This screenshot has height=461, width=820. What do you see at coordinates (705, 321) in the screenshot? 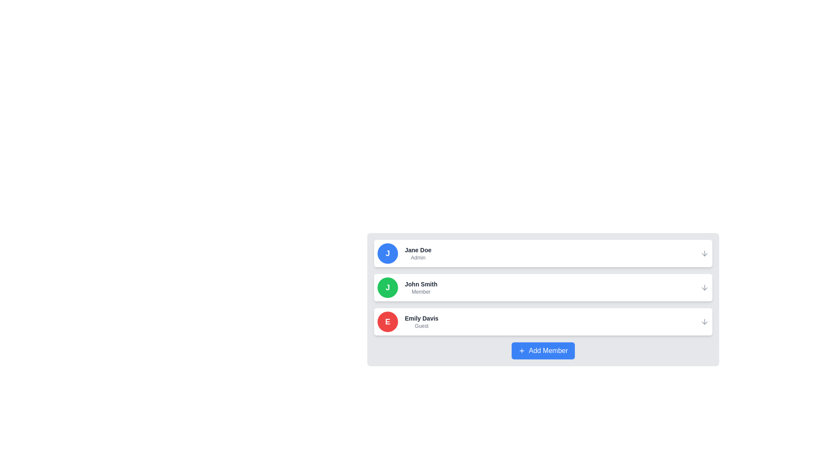
I see `the downward arrow icon on the far-right side of the 'Emily Davis' member entry` at bounding box center [705, 321].